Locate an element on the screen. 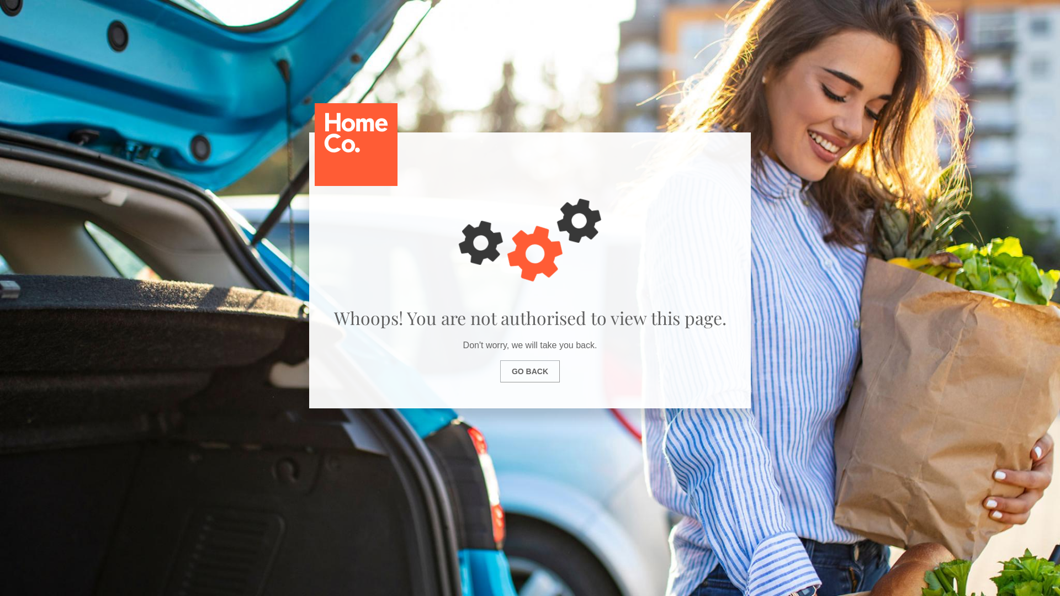 This screenshot has width=1060, height=596. 'GO BACK' is located at coordinates (530, 371).